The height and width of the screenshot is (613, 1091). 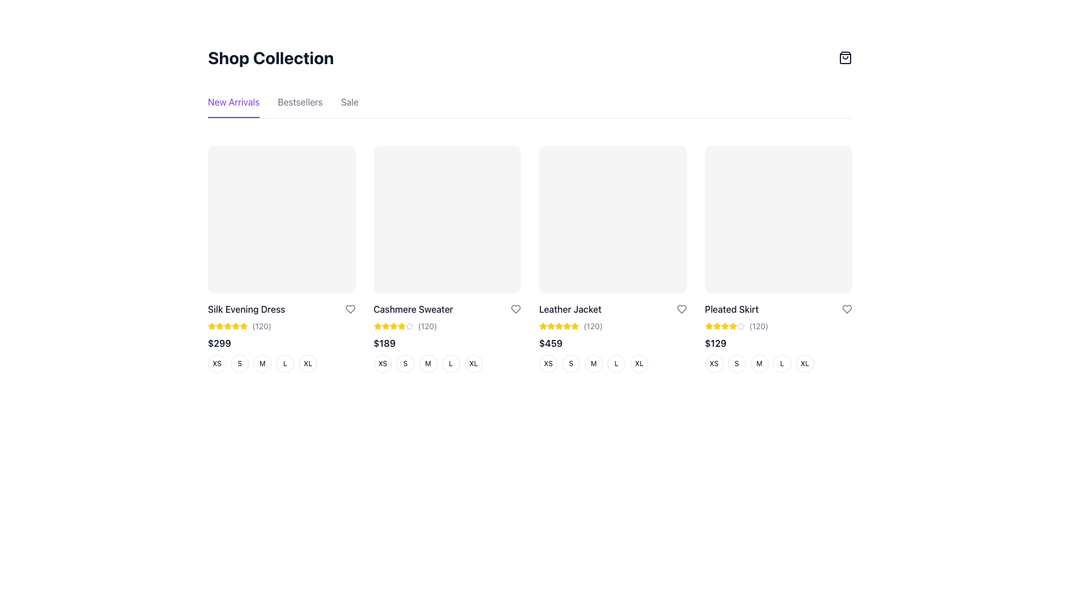 What do you see at coordinates (639, 363) in the screenshot?
I see `the 'XL' size selection button located below the 'Leather Jacket' product listing` at bounding box center [639, 363].